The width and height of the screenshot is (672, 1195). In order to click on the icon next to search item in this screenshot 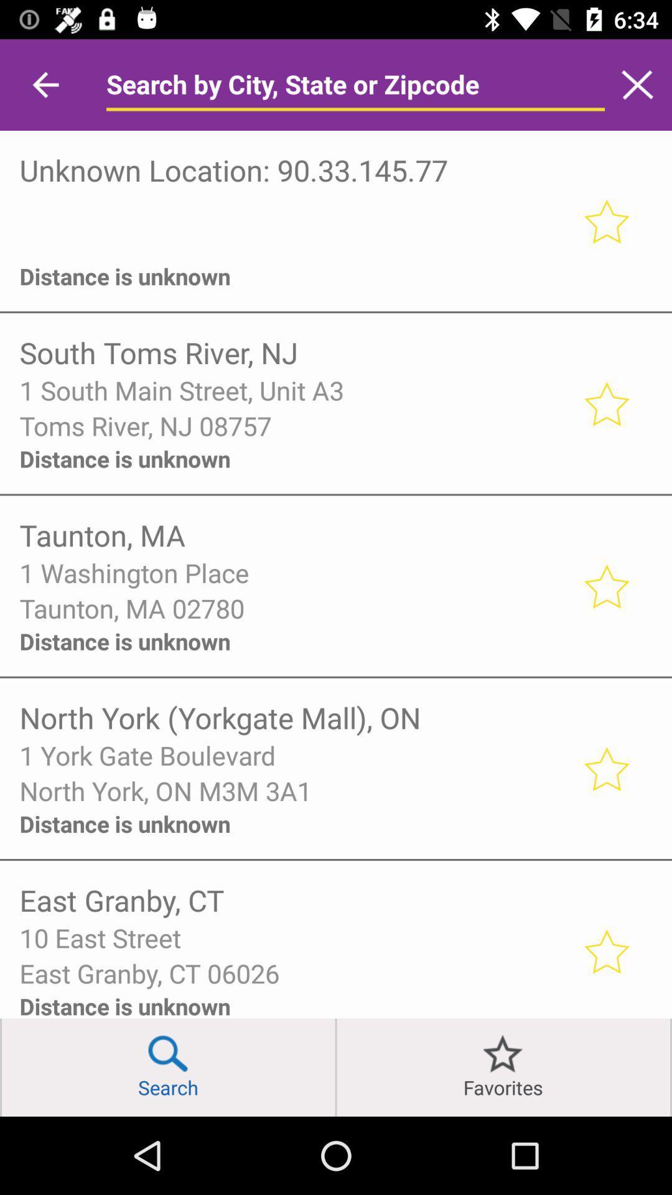, I will do `click(1, 1067)`.